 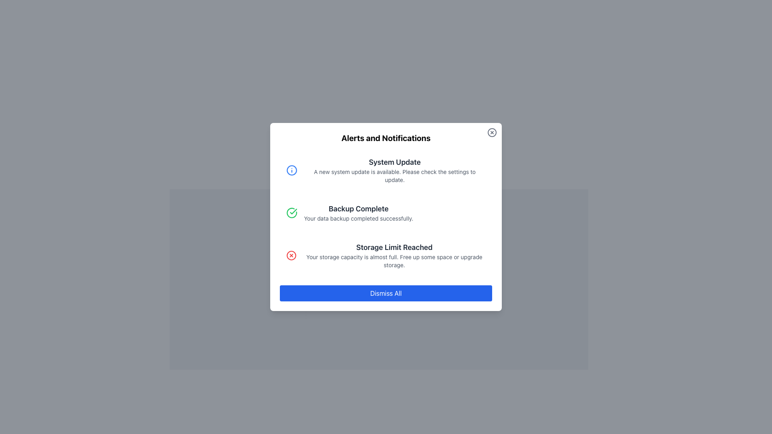 What do you see at coordinates (291, 170) in the screenshot?
I see `the system update icon located on the left side of the 'System Update' alert box, near its header` at bounding box center [291, 170].